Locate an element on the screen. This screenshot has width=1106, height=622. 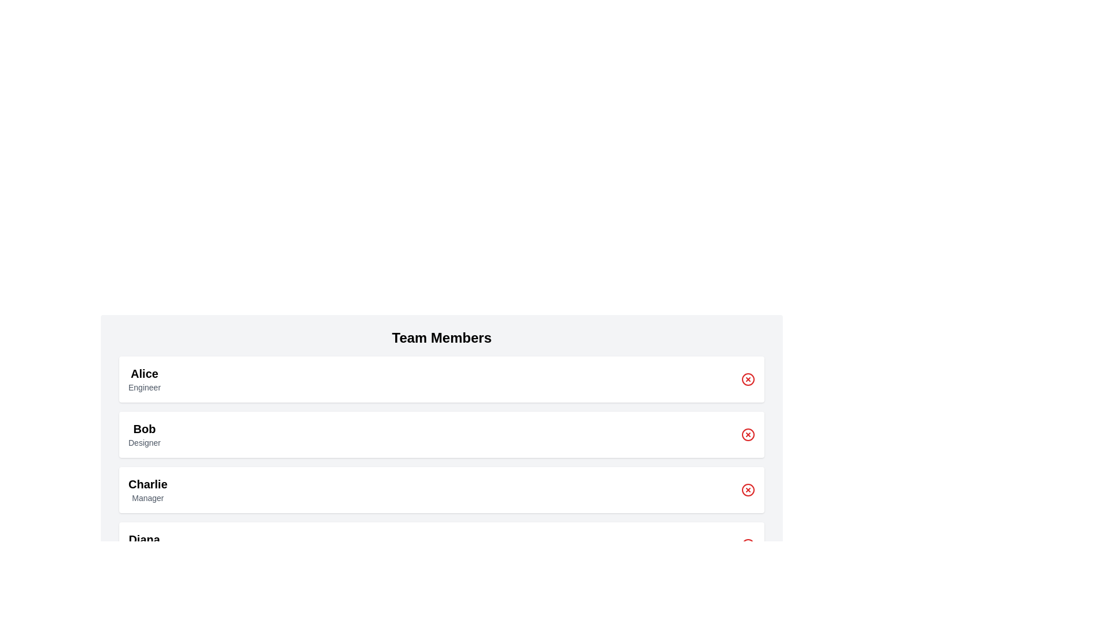
the delete button located at the far-right side of the last row in the team members list is located at coordinates (748, 545).